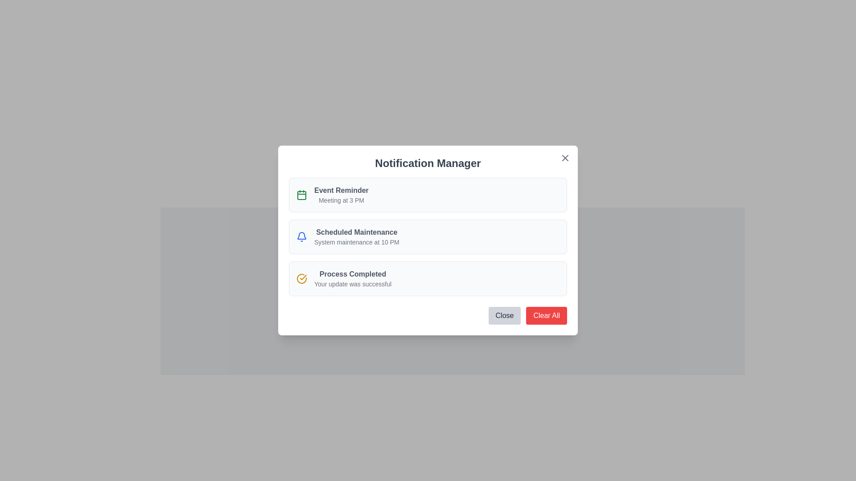  I want to click on the 'Close' button with rounded corners and light gray background located in the bottom-right corner of the 'Notification Manager' modal, so click(505, 315).